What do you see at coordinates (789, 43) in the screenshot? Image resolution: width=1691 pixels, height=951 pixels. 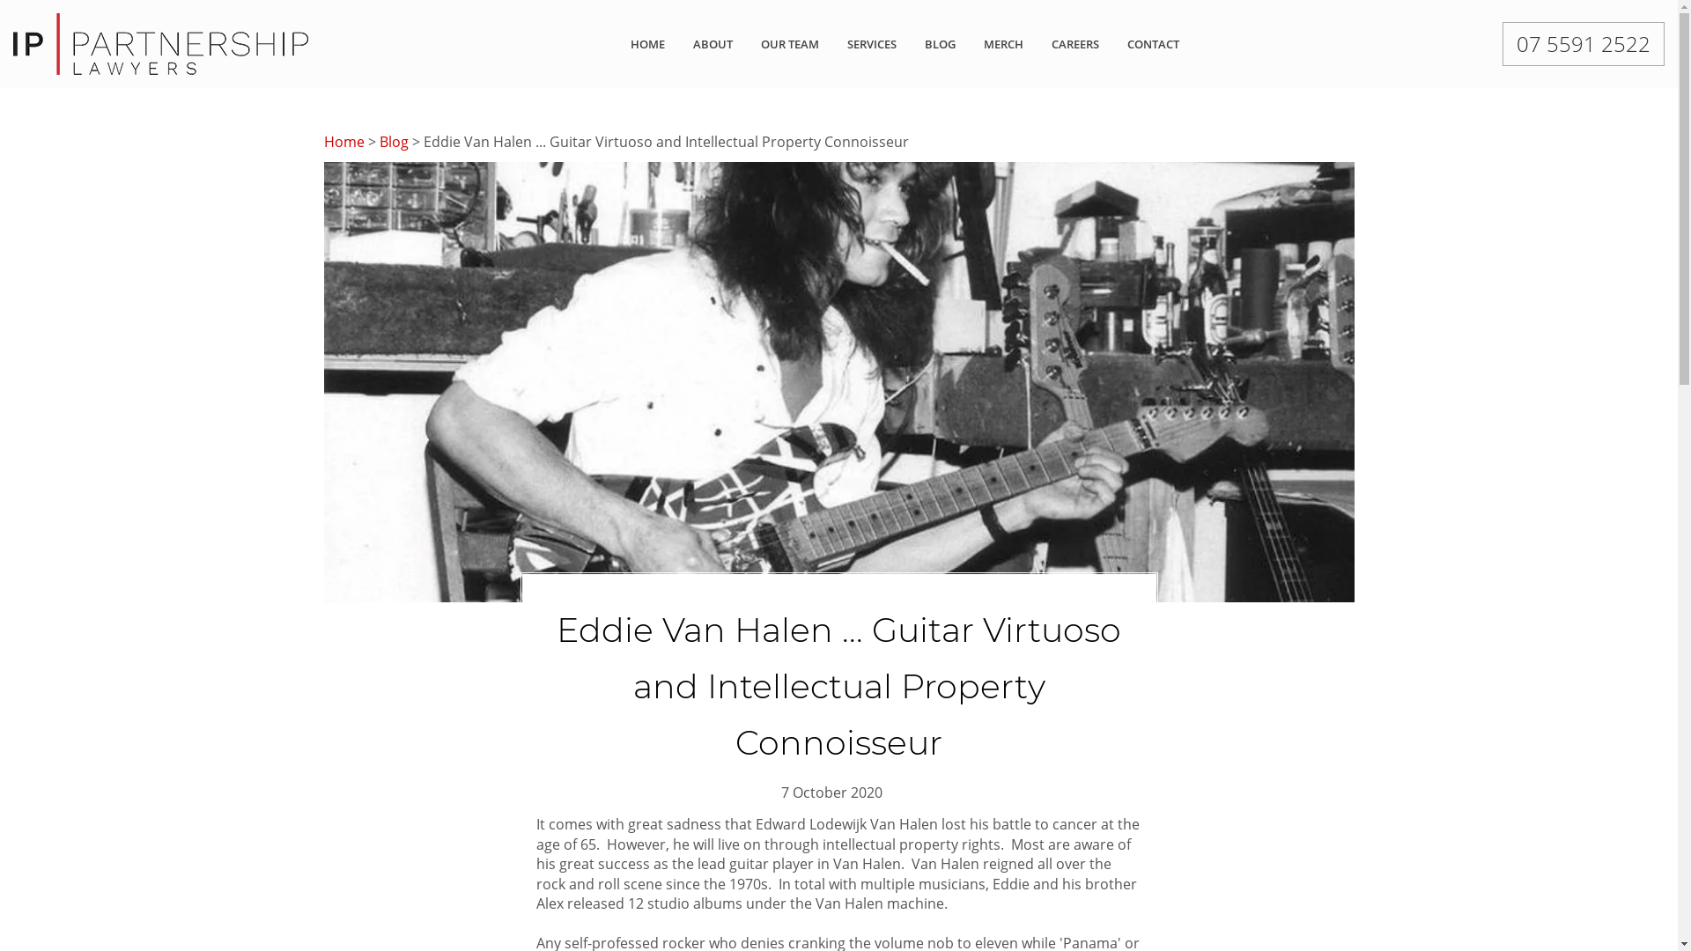 I see `'OUR TEAM'` at bounding box center [789, 43].